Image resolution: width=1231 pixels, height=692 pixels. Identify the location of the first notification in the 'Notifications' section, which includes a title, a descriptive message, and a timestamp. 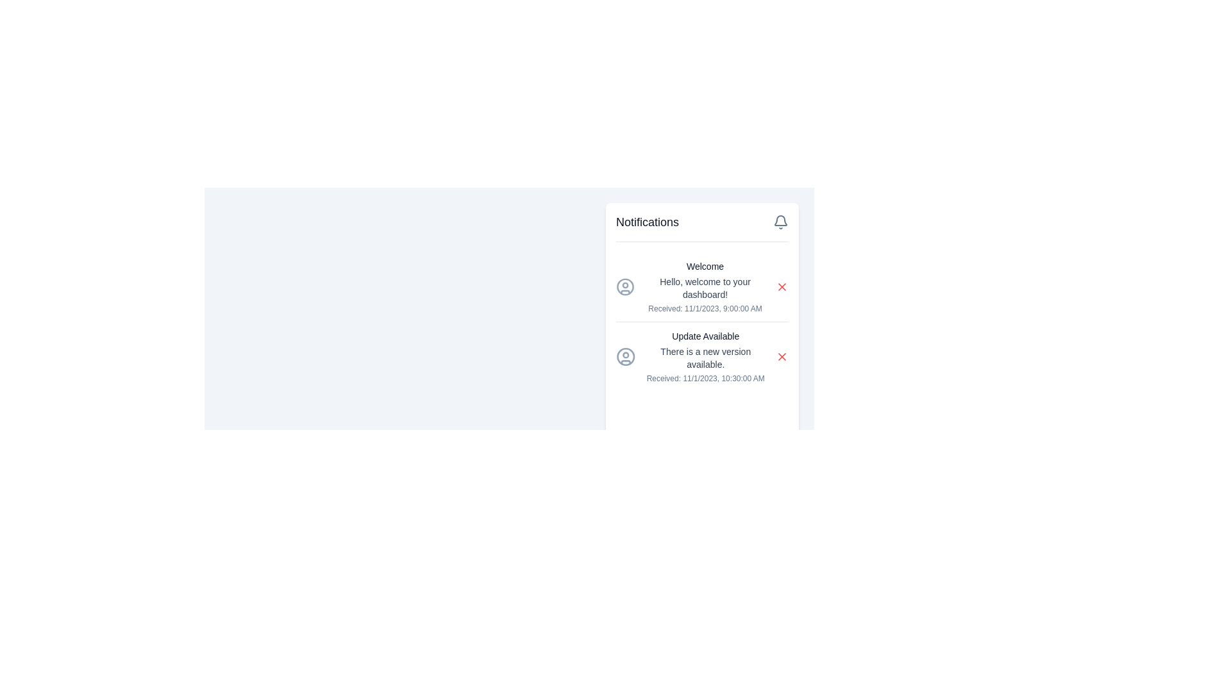
(704, 286).